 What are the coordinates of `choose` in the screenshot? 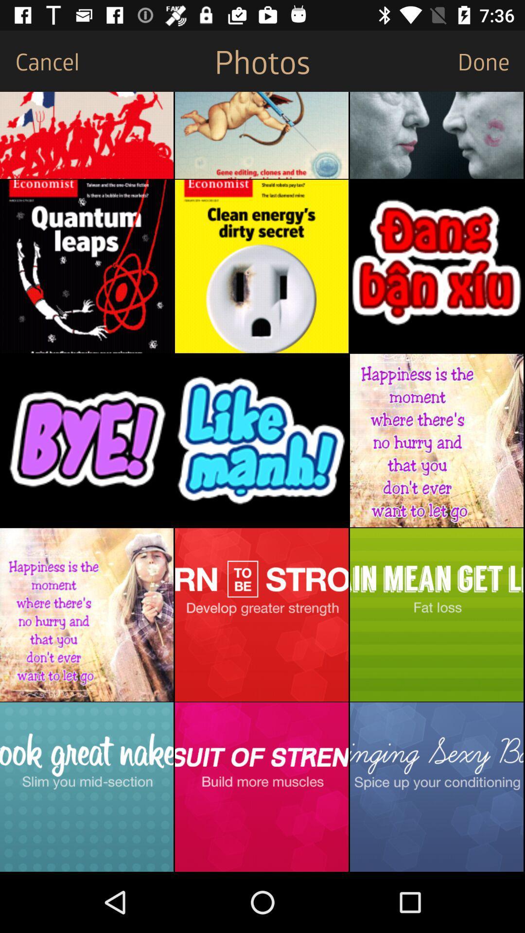 It's located at (261, 135).